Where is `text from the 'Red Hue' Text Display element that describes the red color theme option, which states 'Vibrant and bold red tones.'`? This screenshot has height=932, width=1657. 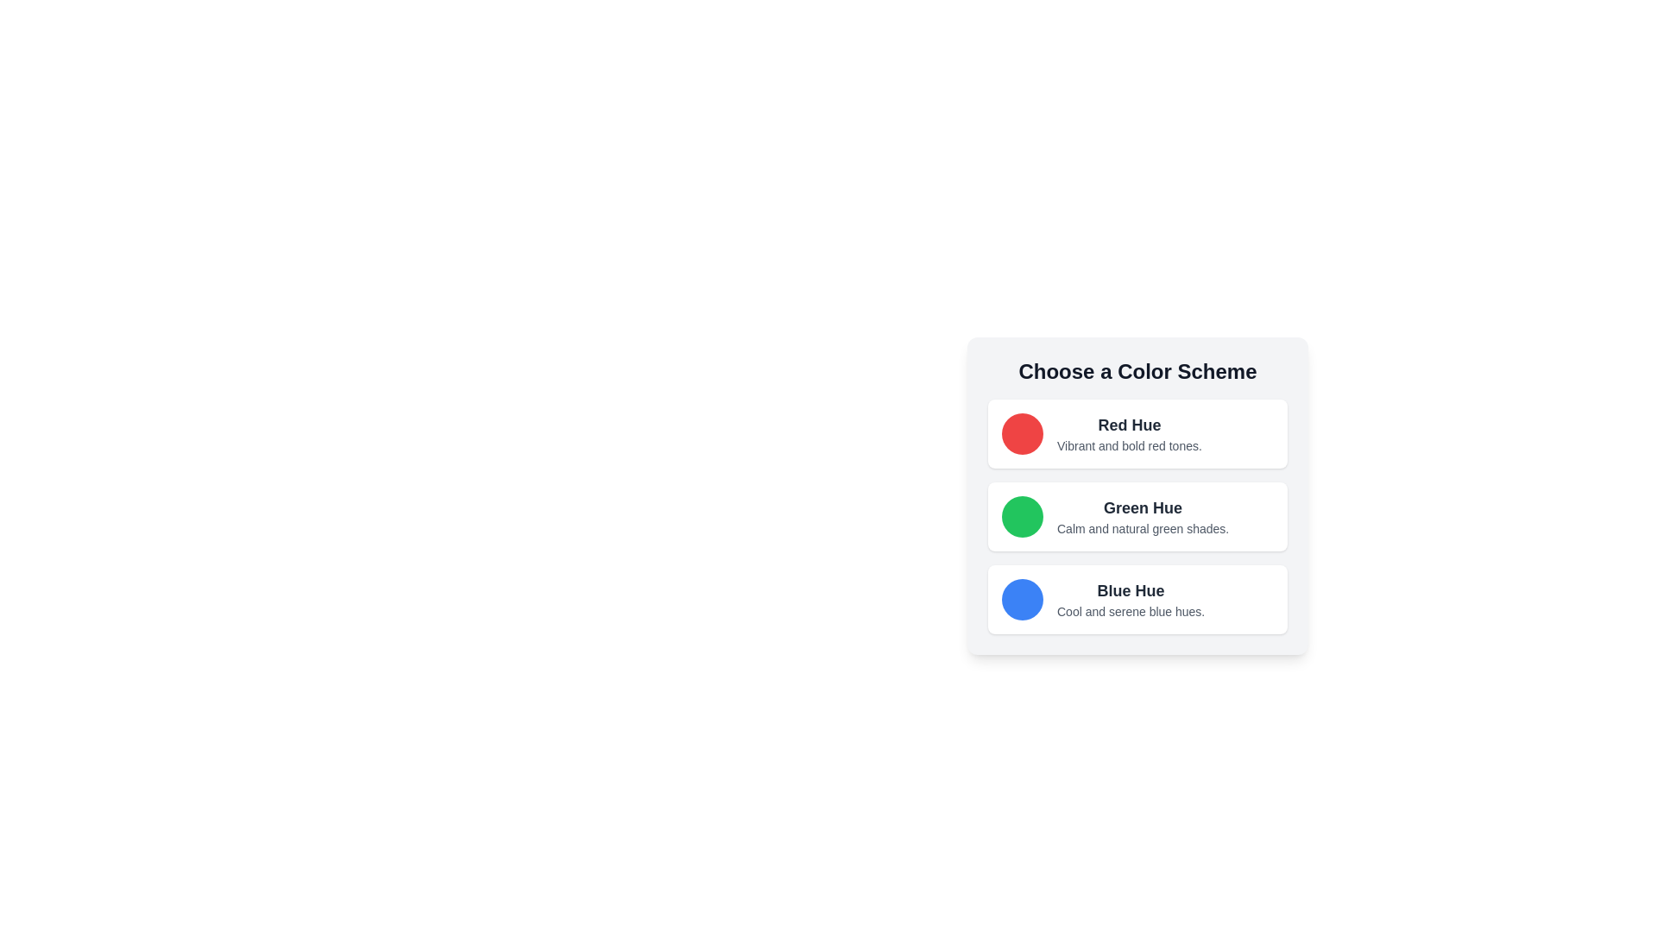
text from the 'Red Hue' Text Display element that describes the red color theme option, which states 'Vibrant and bold red tones.' is located at coordinates (1129, 432).